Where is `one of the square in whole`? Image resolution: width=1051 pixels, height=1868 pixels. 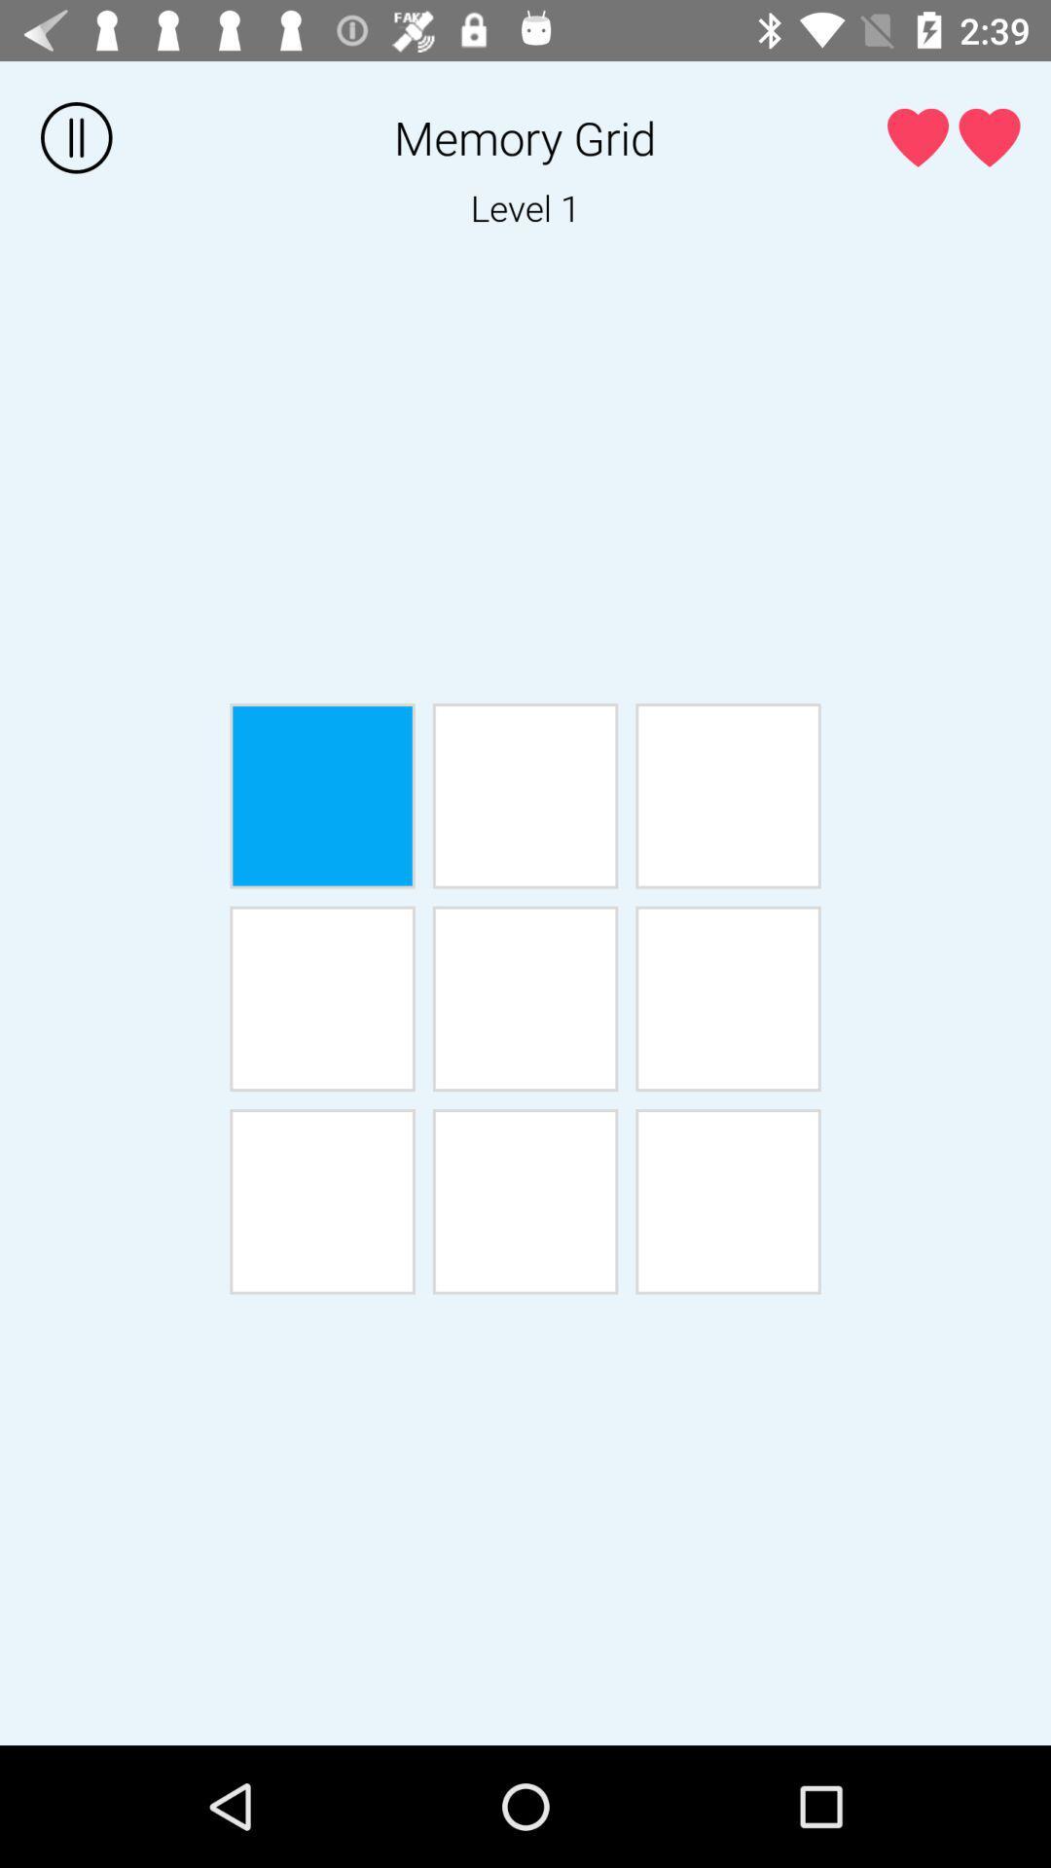 one of the square in whole is located at coordinates (321, 1201).